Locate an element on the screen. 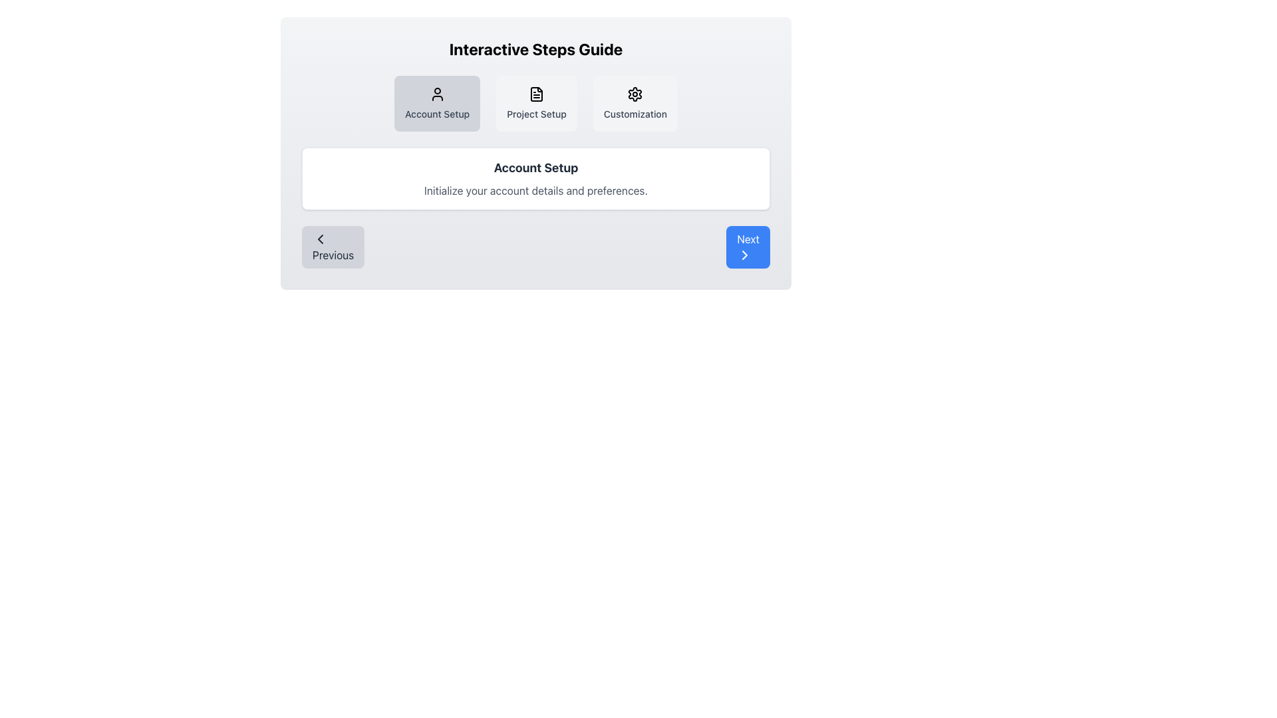 Image resolution: width=1277 pixels, height=718 pixels. the chevron-shaped graphic icon associated with the 'Previous' button located in the lower-left corner of the interface is located at coordinates (320, 238).